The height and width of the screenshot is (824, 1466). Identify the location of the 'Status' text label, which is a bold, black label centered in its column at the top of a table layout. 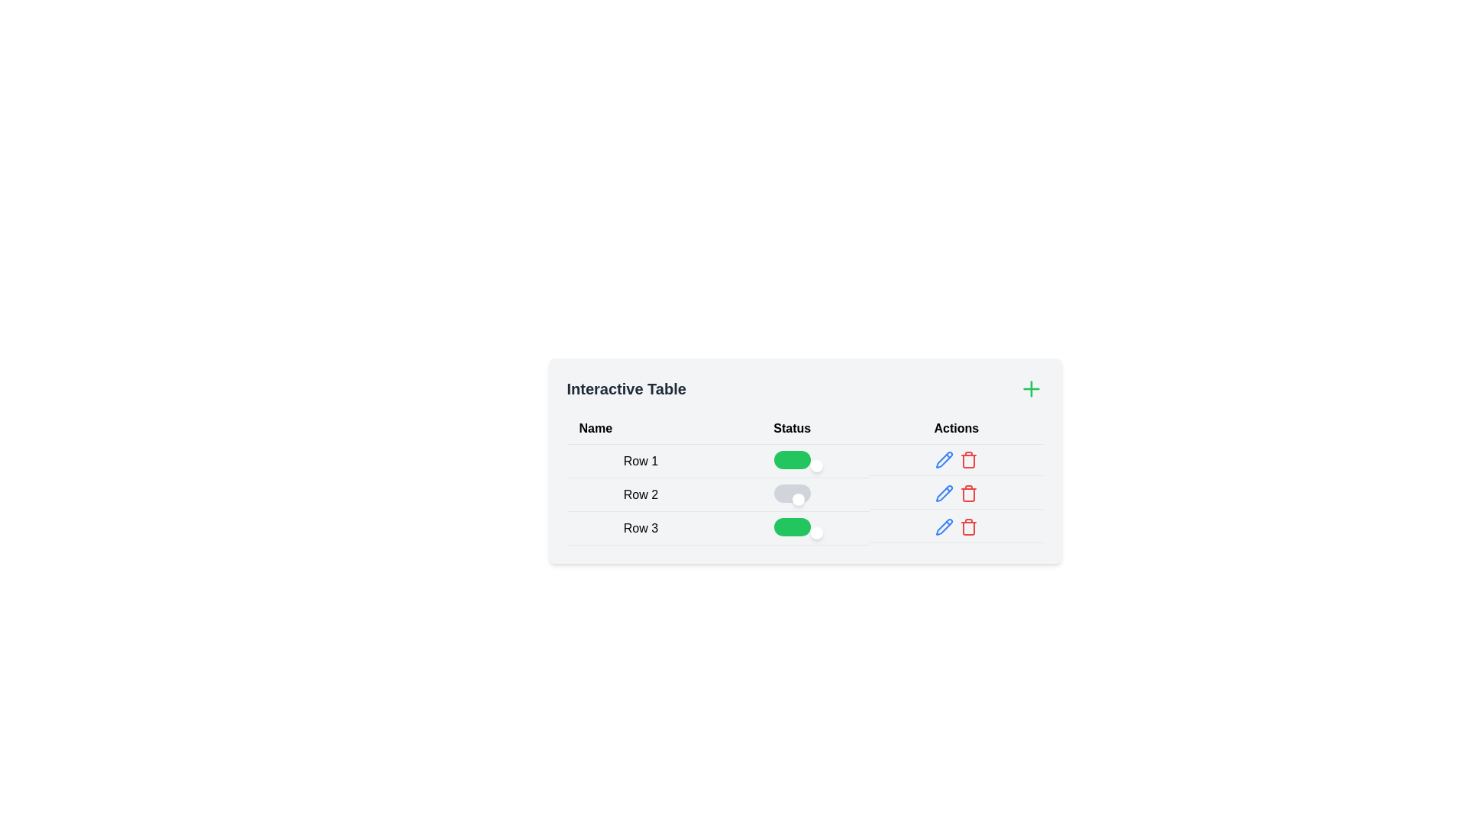
(792, 429).